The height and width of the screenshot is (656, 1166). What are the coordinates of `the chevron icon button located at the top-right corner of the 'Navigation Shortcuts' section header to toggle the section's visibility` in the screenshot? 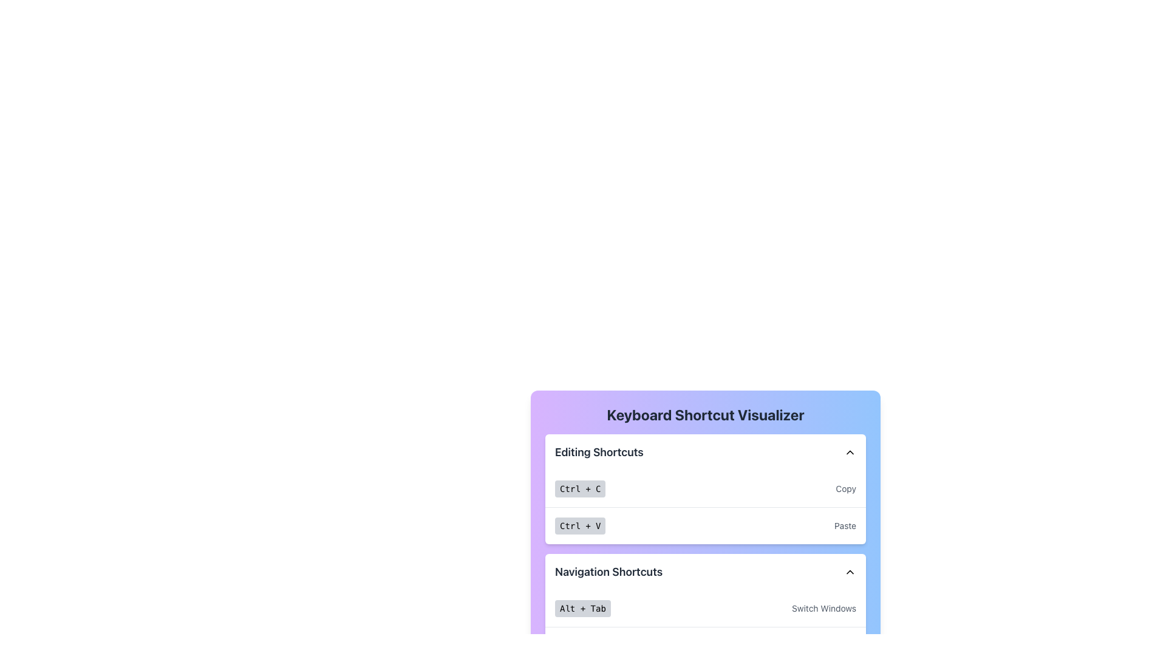 It's located at (850, 572).